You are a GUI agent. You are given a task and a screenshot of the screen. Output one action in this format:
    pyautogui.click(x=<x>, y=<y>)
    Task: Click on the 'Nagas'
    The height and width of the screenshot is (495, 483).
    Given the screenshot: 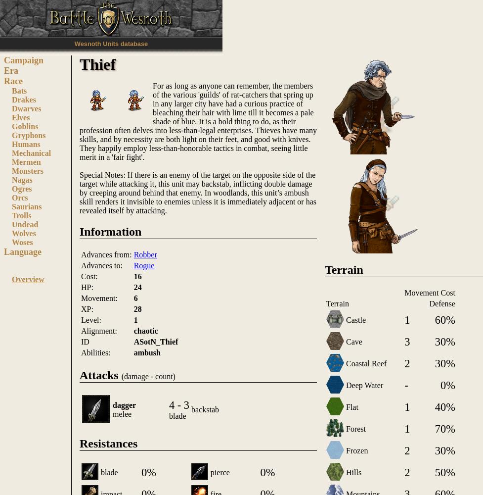 What is the action you would take?
    pyautogui.click(x=22, y=179)
    